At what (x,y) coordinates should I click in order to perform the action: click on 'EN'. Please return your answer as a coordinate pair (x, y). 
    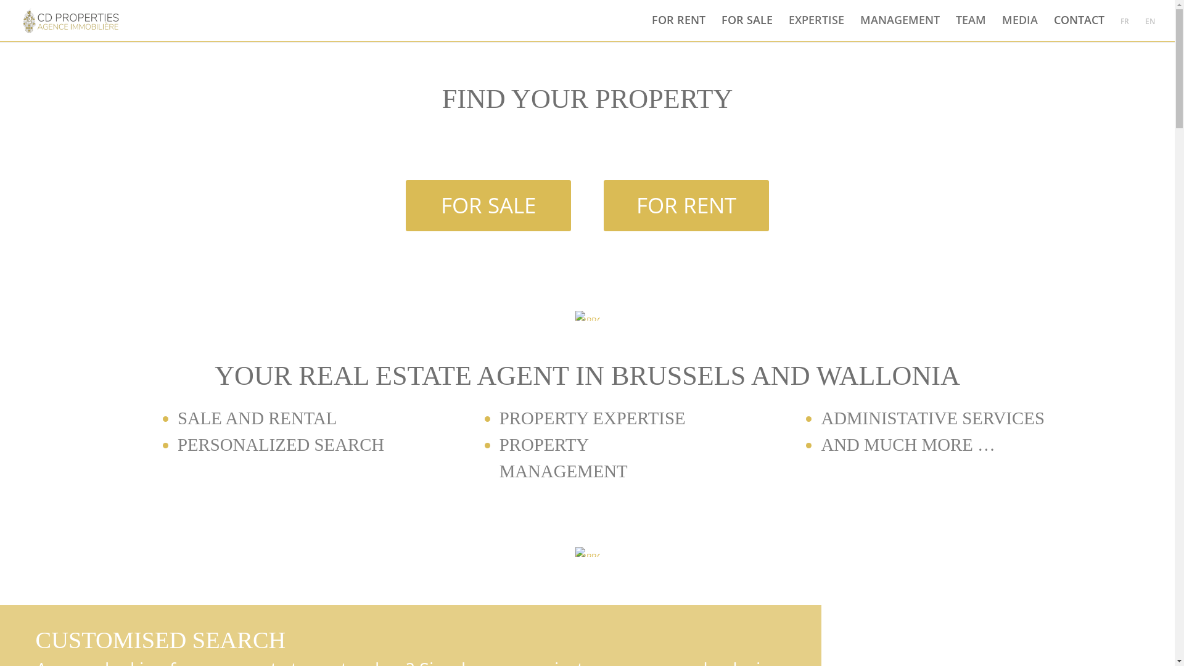
    Looking at the image, I should click on (1149, 28).